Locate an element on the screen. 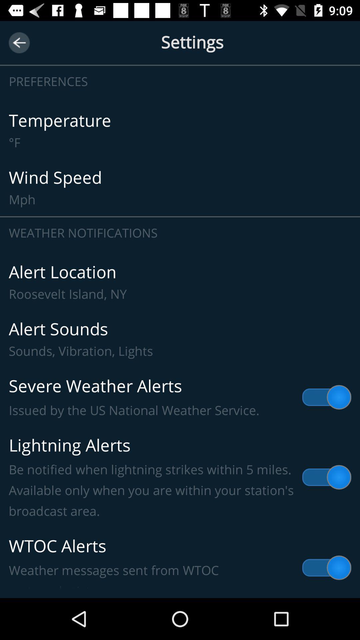  the arrow_backward icon is located at coordinates (19, 42).